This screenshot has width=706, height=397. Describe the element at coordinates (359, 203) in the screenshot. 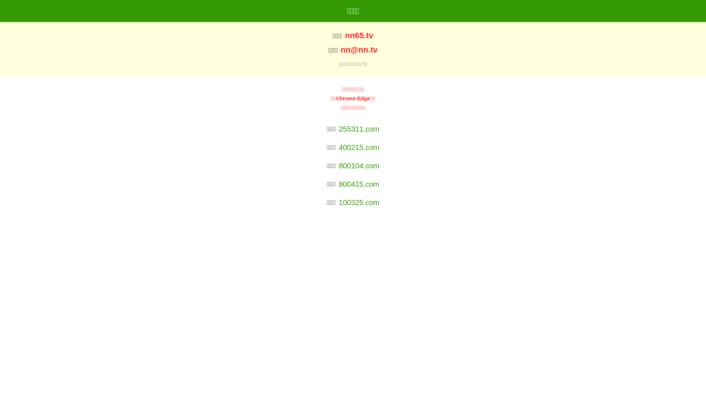

I see `'100325.com'` at that location.